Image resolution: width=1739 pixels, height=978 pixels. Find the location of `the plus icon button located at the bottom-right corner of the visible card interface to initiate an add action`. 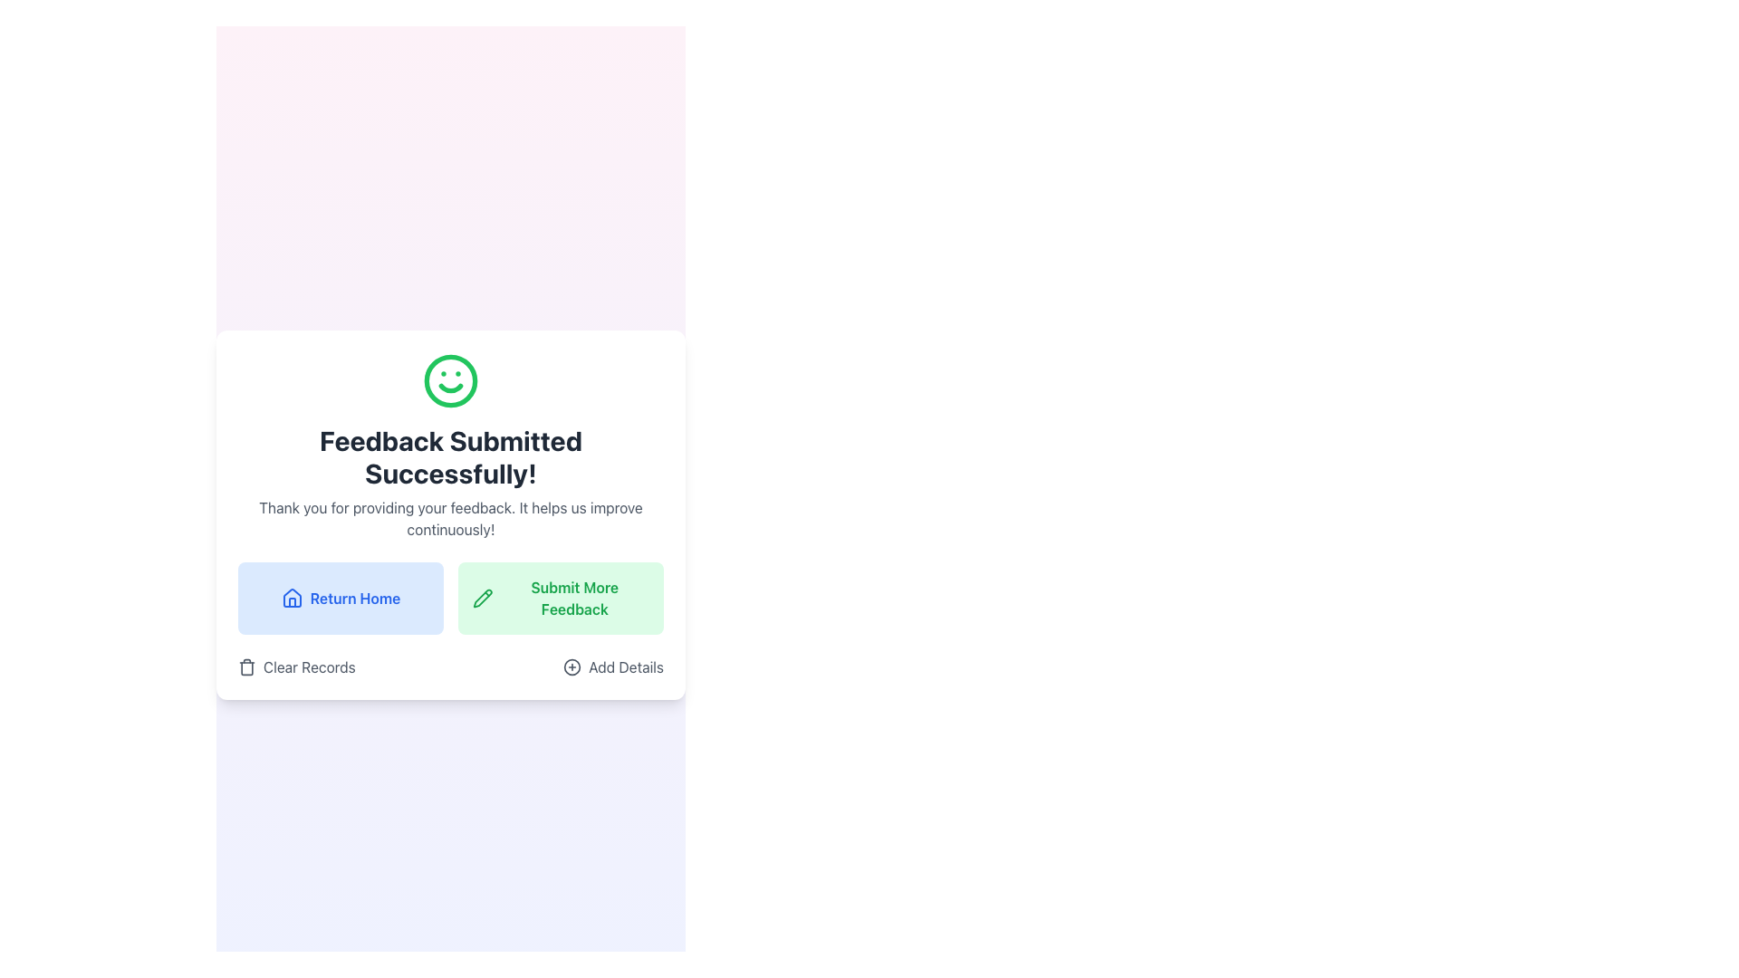

the plus icon button located at the bottom-right corner of the visible card interface to initiate an add action is located at coordinates (572, 666).